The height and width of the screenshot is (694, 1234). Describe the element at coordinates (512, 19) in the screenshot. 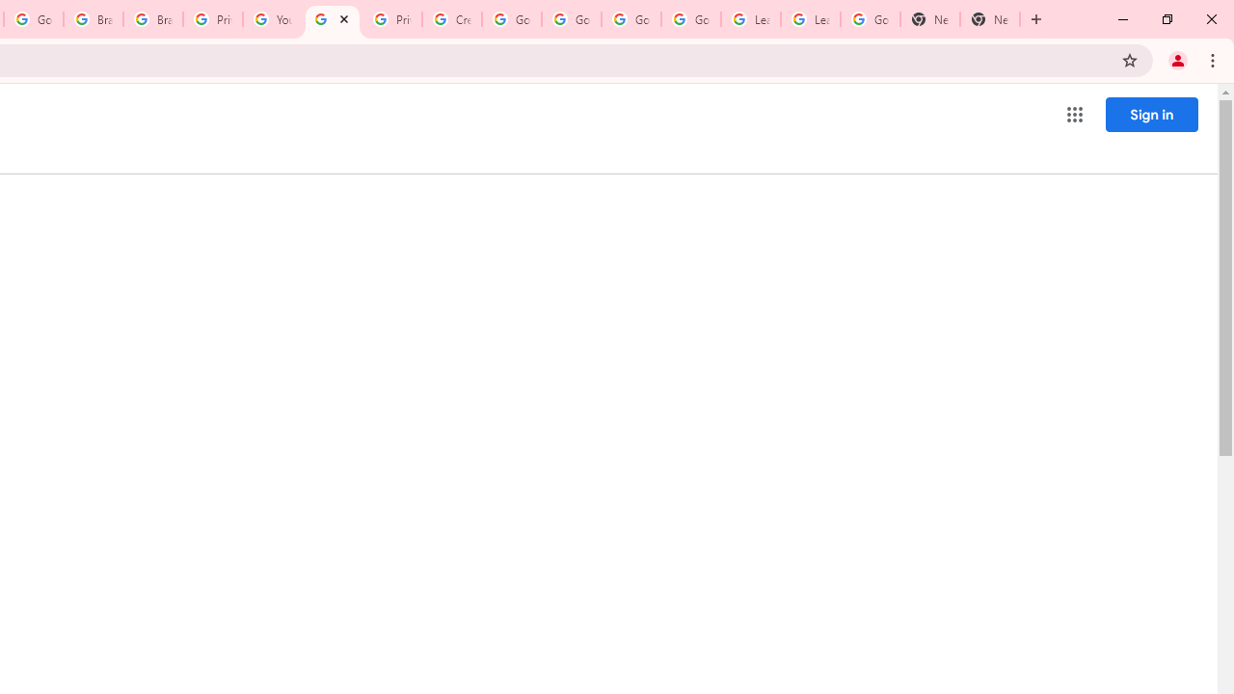

I see `'Google Account Help'` at that location.